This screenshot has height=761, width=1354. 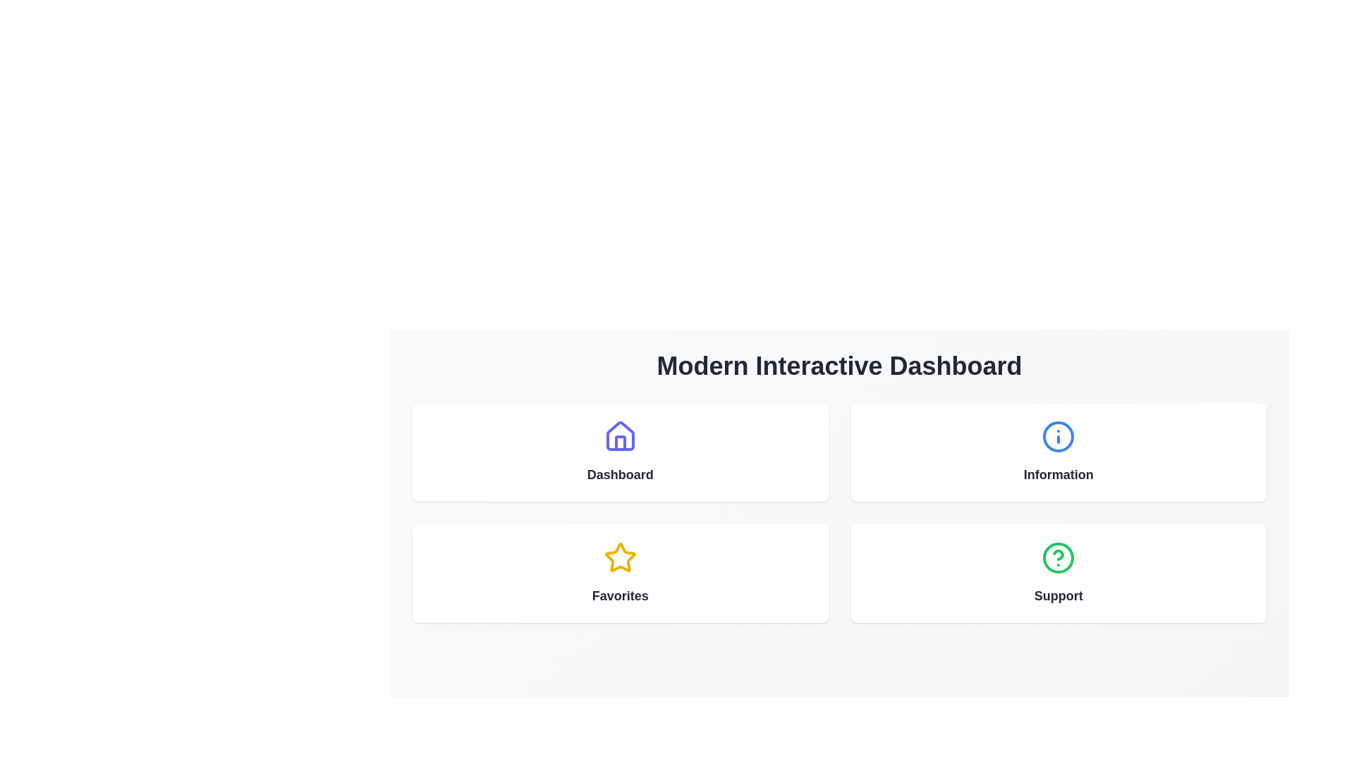 What do you see at coordinates (620, 557) in the screenshot?
I see `the star icon representing the 'Favorites' feature, located in the third box of the second row in the grid layout, above the text labeled 'Favorites'` at bounding box center [620, 557].